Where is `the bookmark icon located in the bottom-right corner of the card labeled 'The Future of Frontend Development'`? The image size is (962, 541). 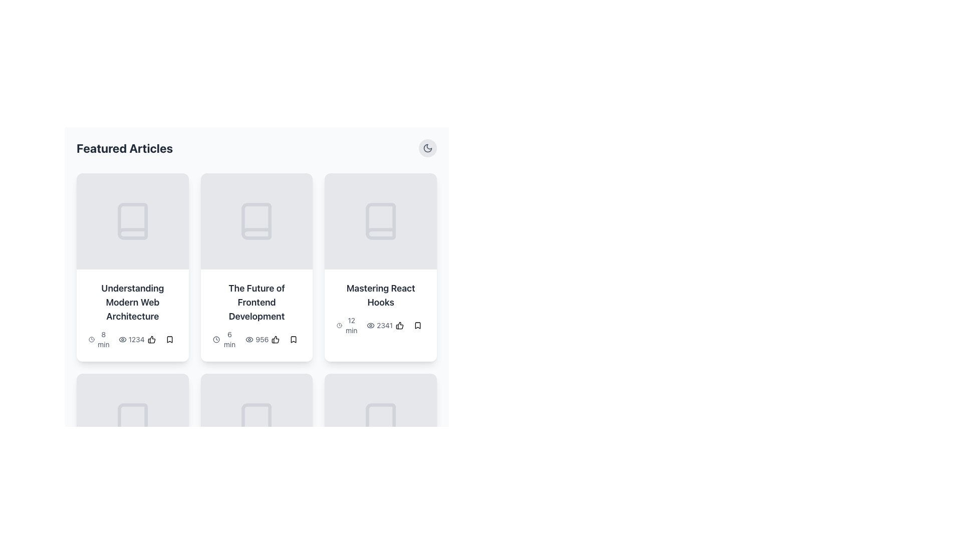 the bookmark icon located in the bottom-right corner of the card labeled 'The Future of Frontend Development' is located at coordinates (293, 339).